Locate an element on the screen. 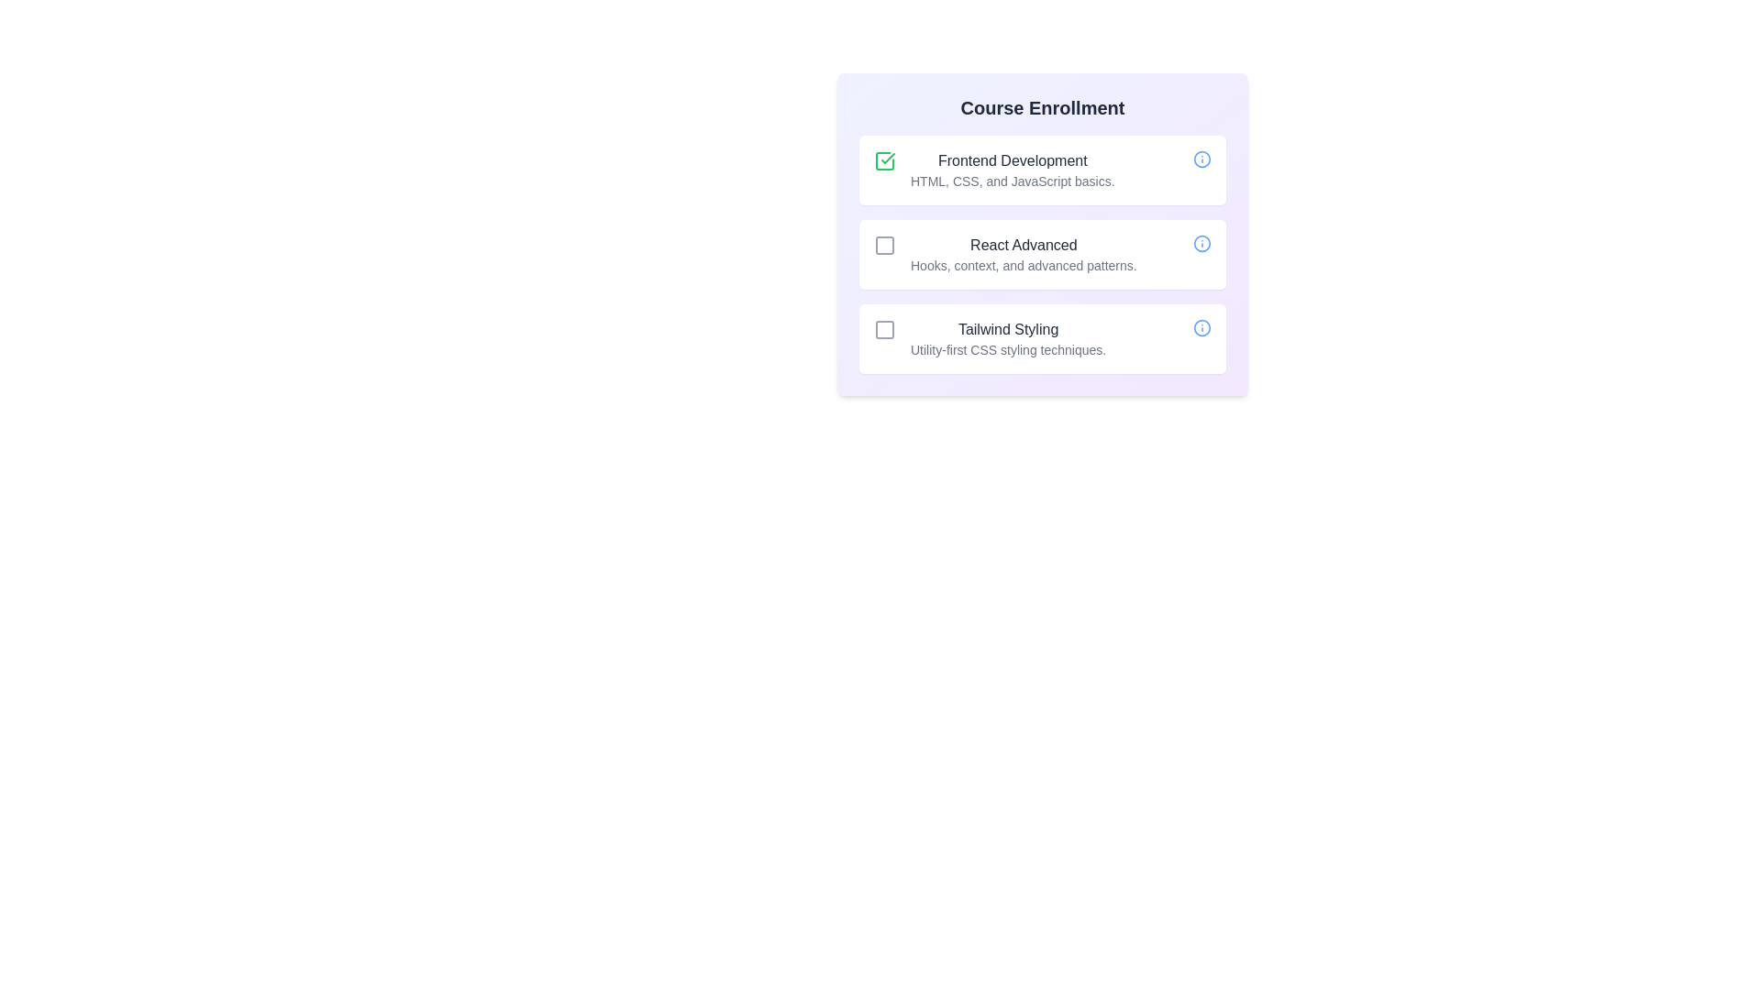 The width and height of the screenshot is (1761, 990). the checkbox with icon indicator is located at coordinates (884, 160).